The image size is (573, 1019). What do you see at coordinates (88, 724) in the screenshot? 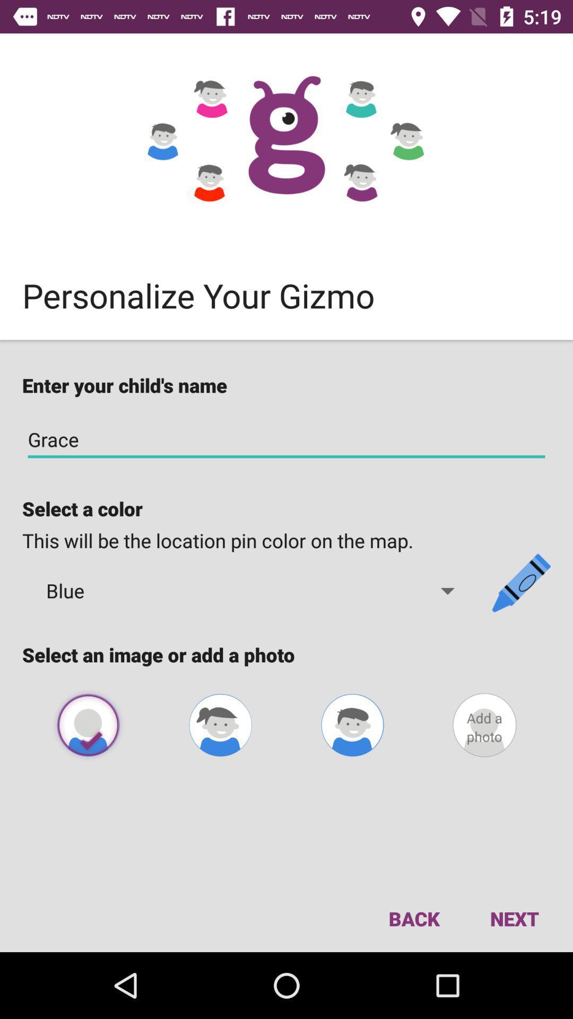
I see `the avatar icon` at bounding box center [88, 724].